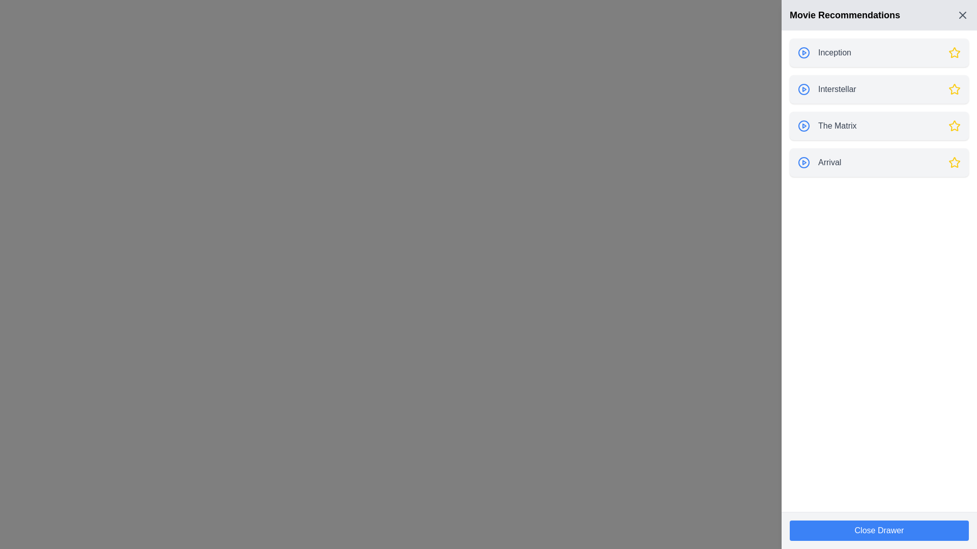 The height and width of the screenshot is (549, 977). Describe the element at coordinates (954, 52) in the screenshot. I see `the star icon associated with the movie 'Inception' in the 'Movie Recommendations' panel` at that location.